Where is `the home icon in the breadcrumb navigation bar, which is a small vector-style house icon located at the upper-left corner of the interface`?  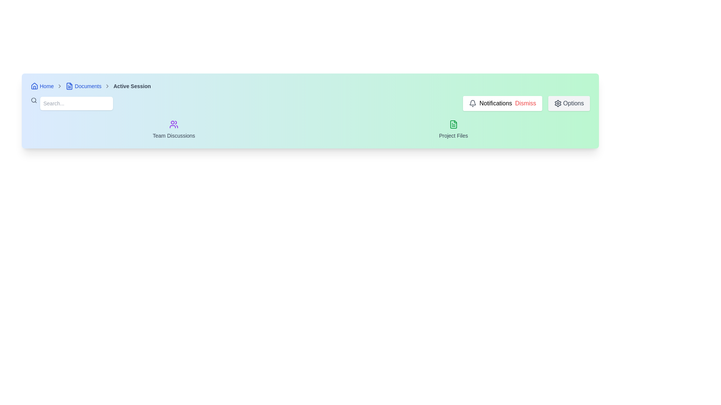 the home icon in the breadcrumb navigation bar, which is a small vector-style house icon located at the upper-left corner of the interface is located at coordinates (34, 86).